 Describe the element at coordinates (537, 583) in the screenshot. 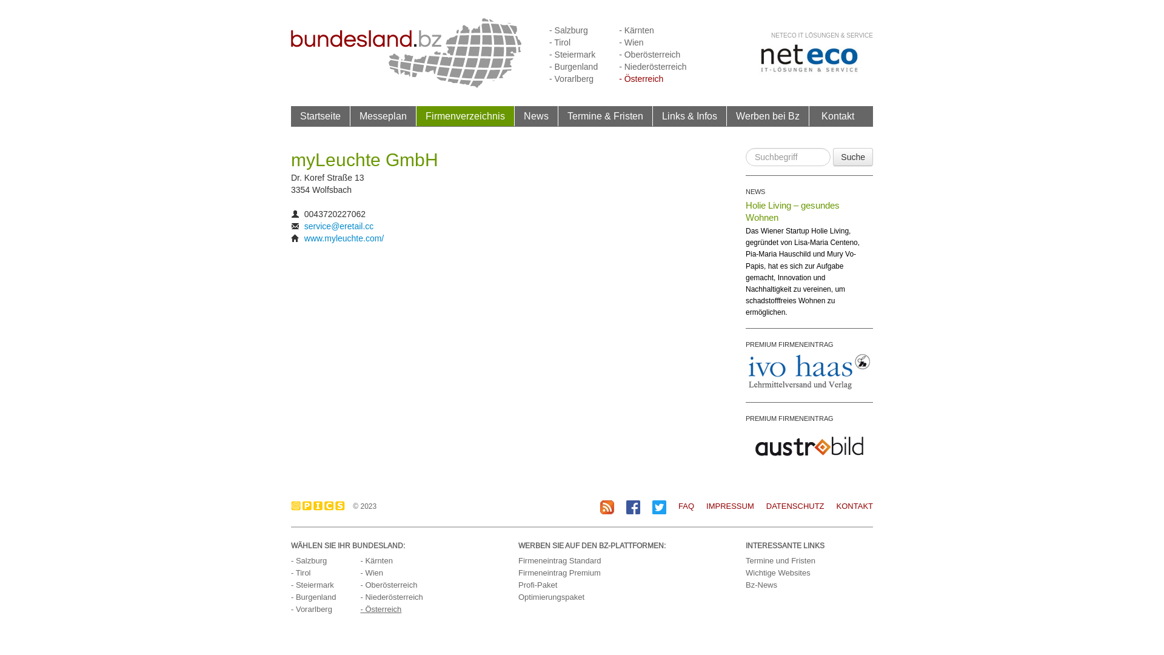

I see `'Profi-Paket'` at that location.